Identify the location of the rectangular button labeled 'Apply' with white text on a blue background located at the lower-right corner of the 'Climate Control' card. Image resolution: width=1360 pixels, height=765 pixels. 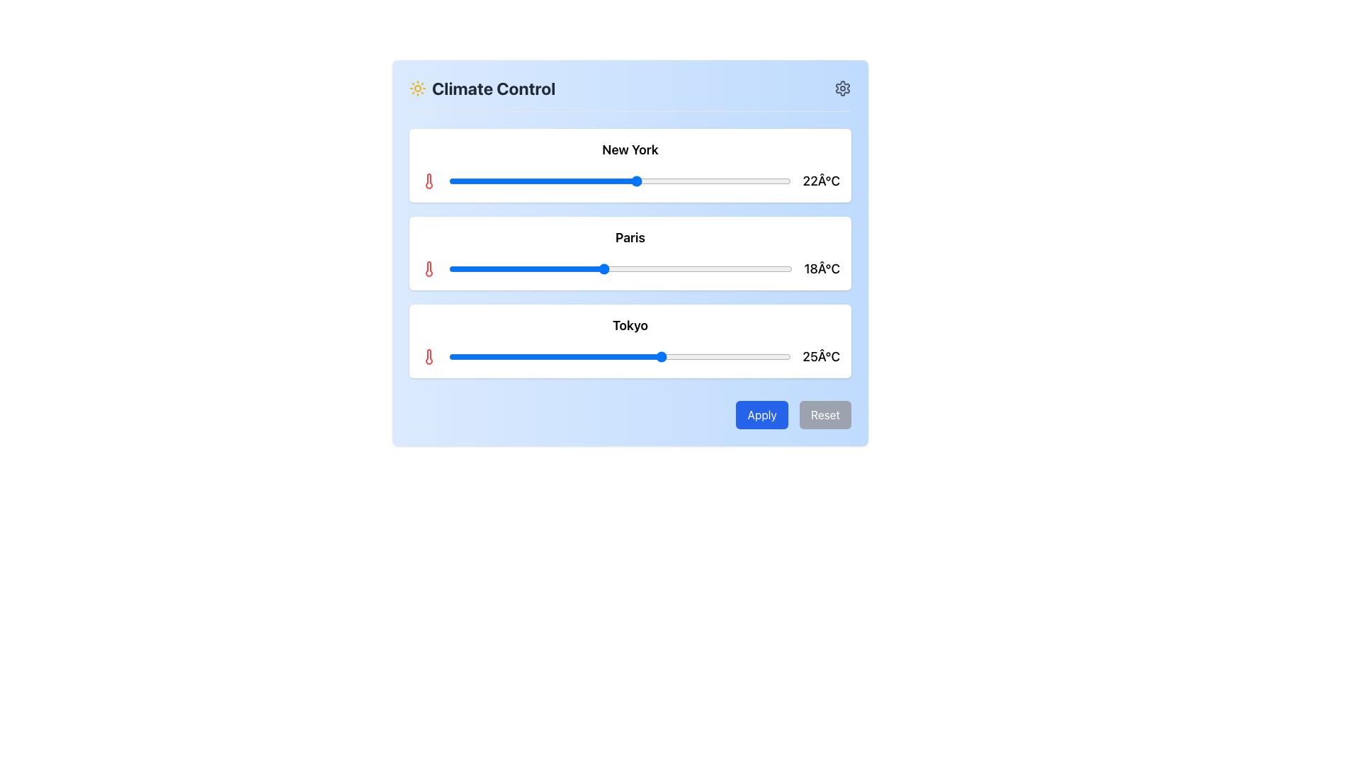
(761, 414).